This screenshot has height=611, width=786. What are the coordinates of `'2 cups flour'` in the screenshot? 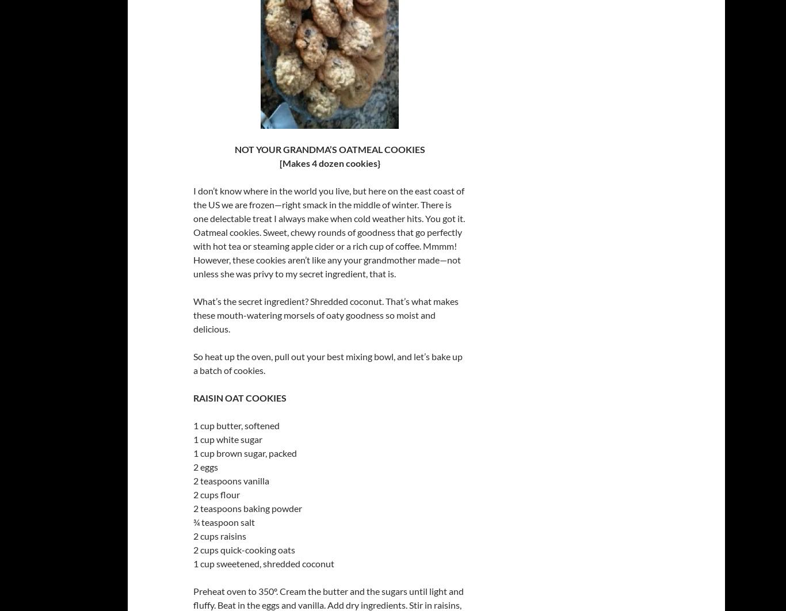 It's located at (216, 494).